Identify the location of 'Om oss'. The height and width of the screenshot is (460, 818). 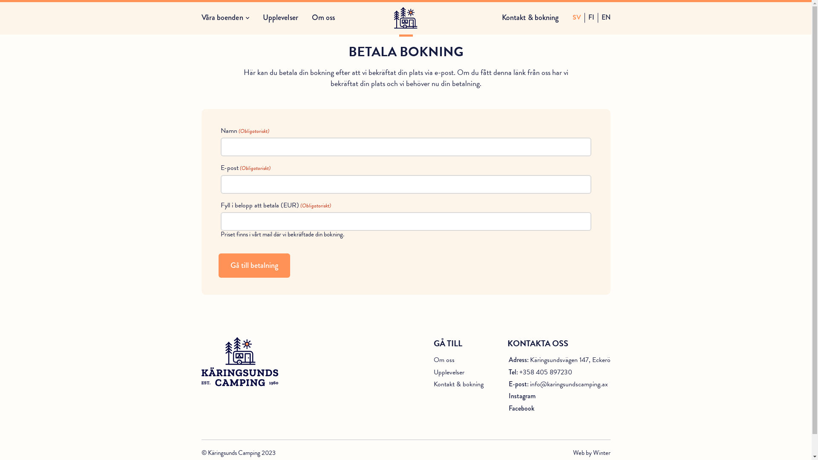
(444, 359).